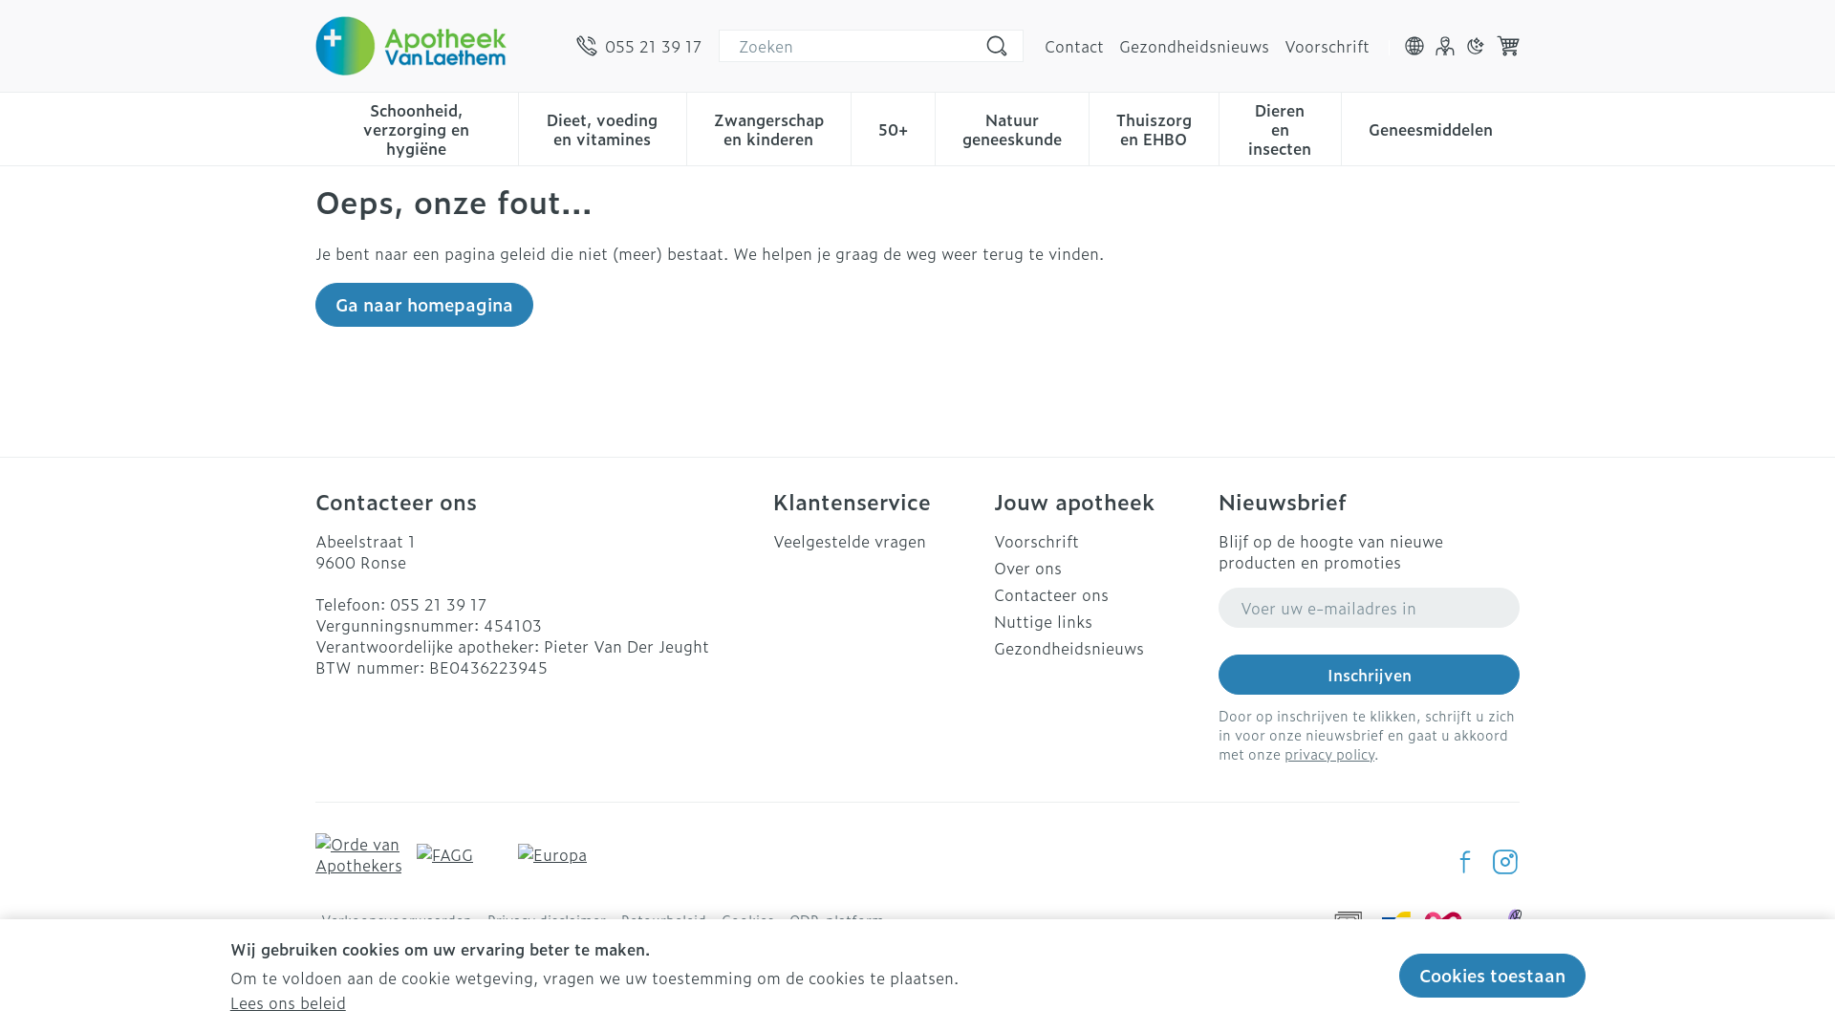 The image size is (1835, 1032). Describe the element at coordinates (874, 541) in the screenshot. I see `'Veelgestelde vragen'` at that location.